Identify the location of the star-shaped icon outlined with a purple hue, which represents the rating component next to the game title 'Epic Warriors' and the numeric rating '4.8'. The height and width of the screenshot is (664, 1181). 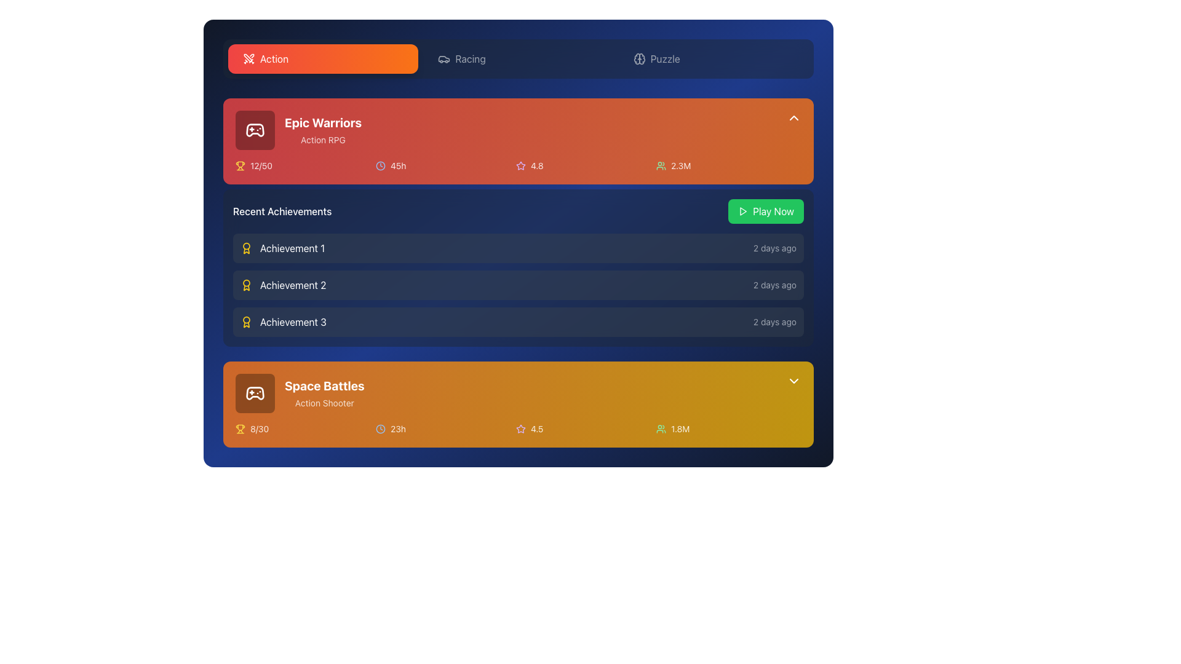
(520, 165).